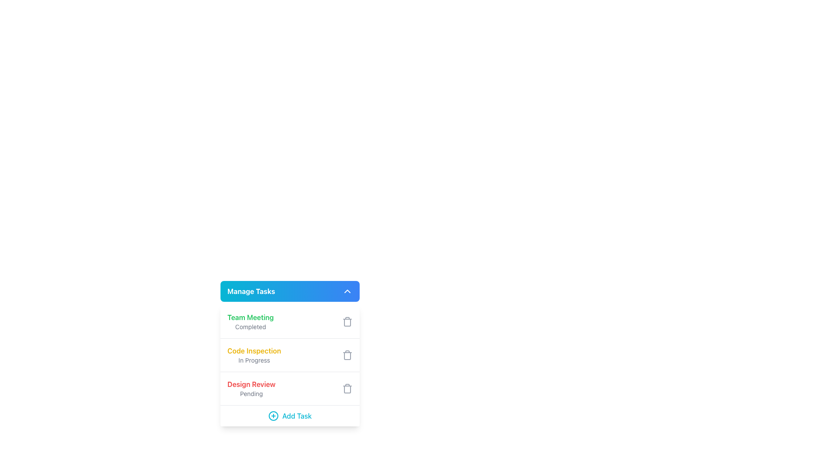 The image size is (835, 469). I want to click on the 'Manage Tasks' button at the top of the task management interface, so click(290, 291).